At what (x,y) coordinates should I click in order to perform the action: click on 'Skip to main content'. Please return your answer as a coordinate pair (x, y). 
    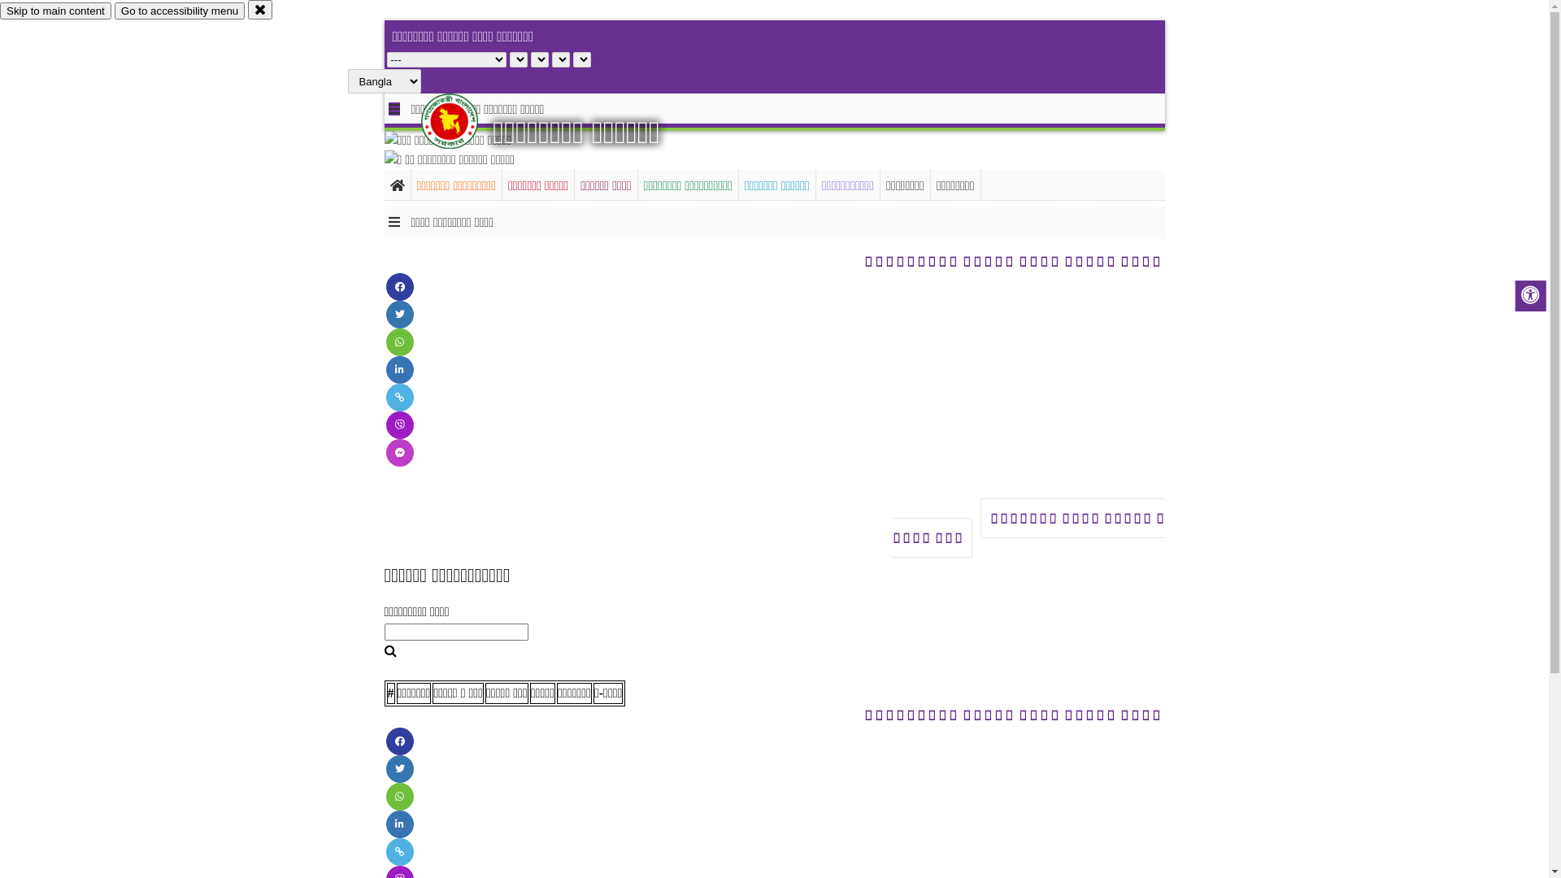
    Looking at the image, I should click on (55, 11).